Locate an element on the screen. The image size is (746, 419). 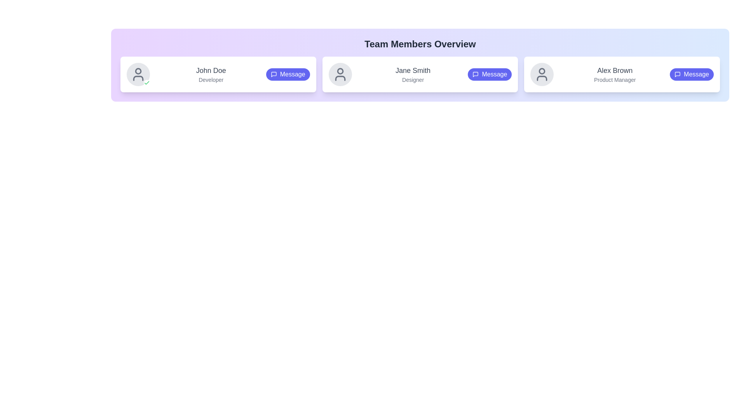
the 'Message' icon associated with 'Alex Brown' located in the fourth profile card on the rightmost side of the interface is located at coordinates (677, 74).